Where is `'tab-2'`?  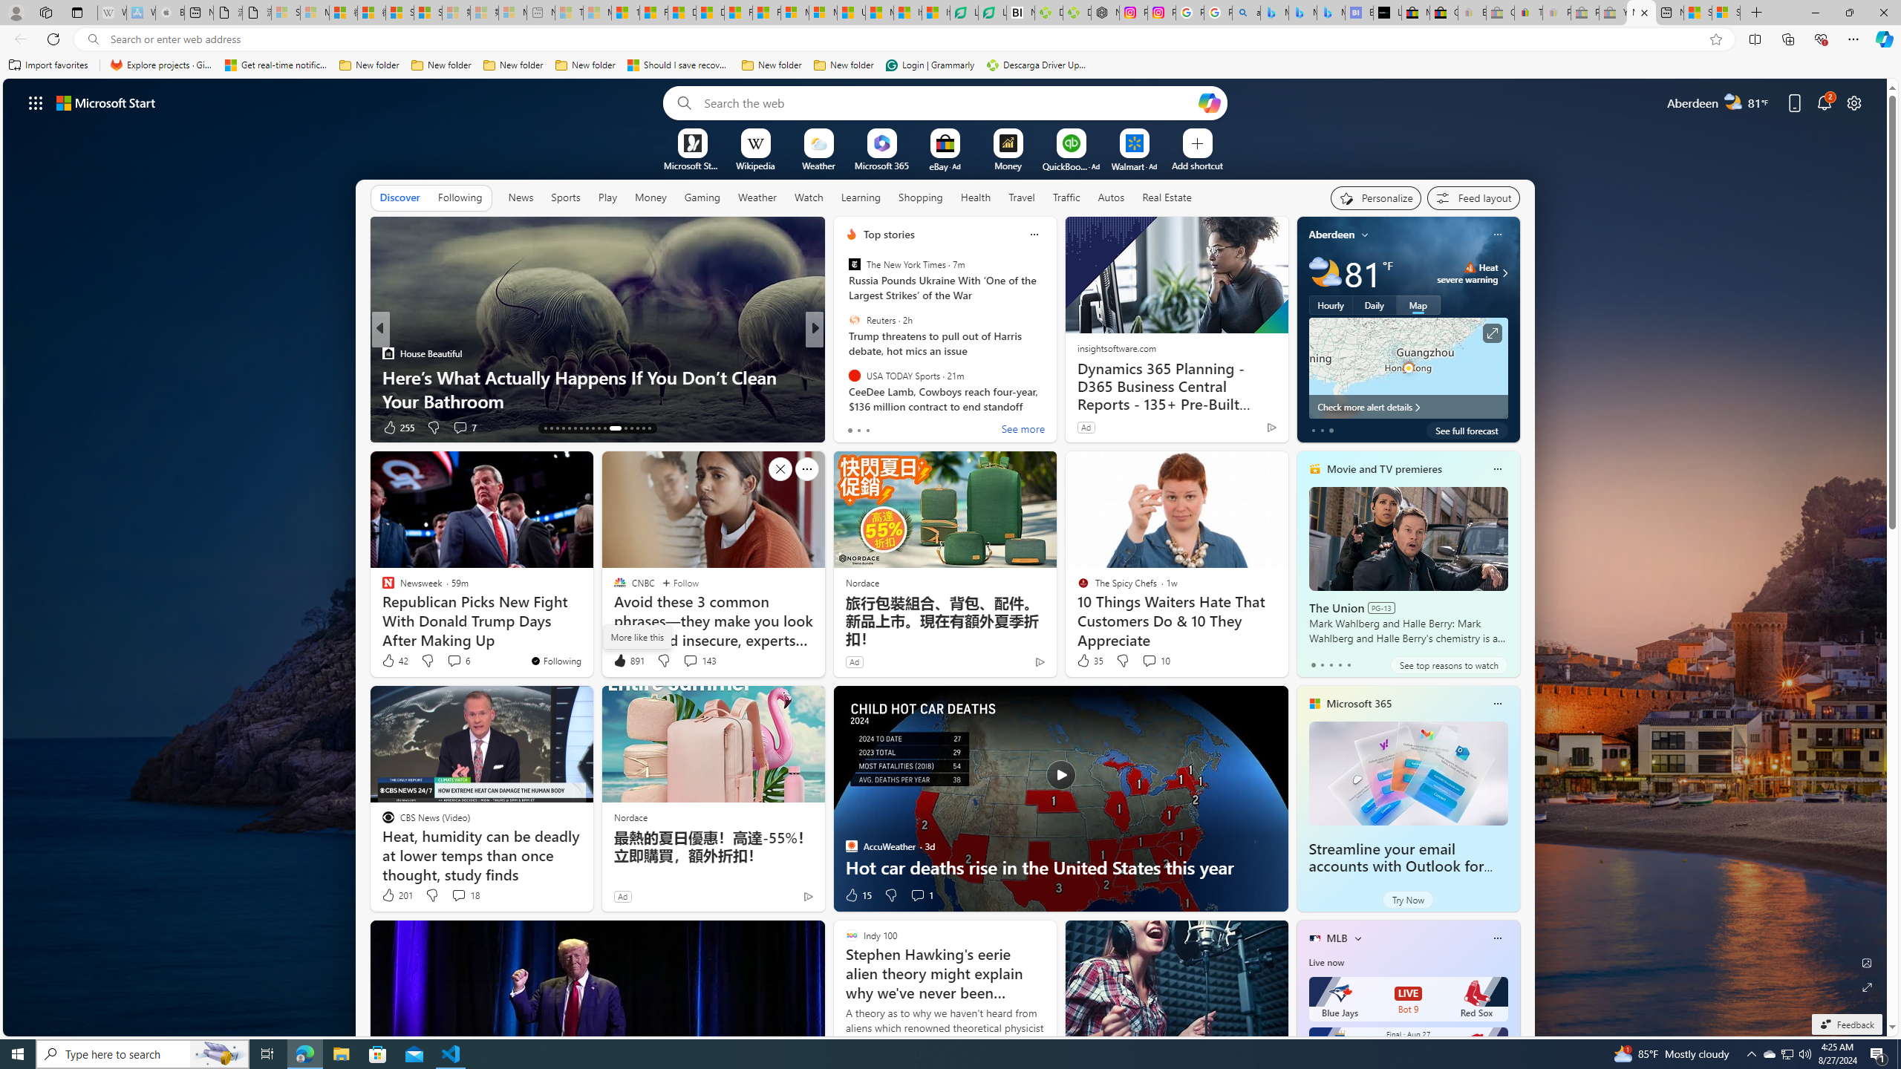
'tab-2' is located at coordinates (1331, 664).